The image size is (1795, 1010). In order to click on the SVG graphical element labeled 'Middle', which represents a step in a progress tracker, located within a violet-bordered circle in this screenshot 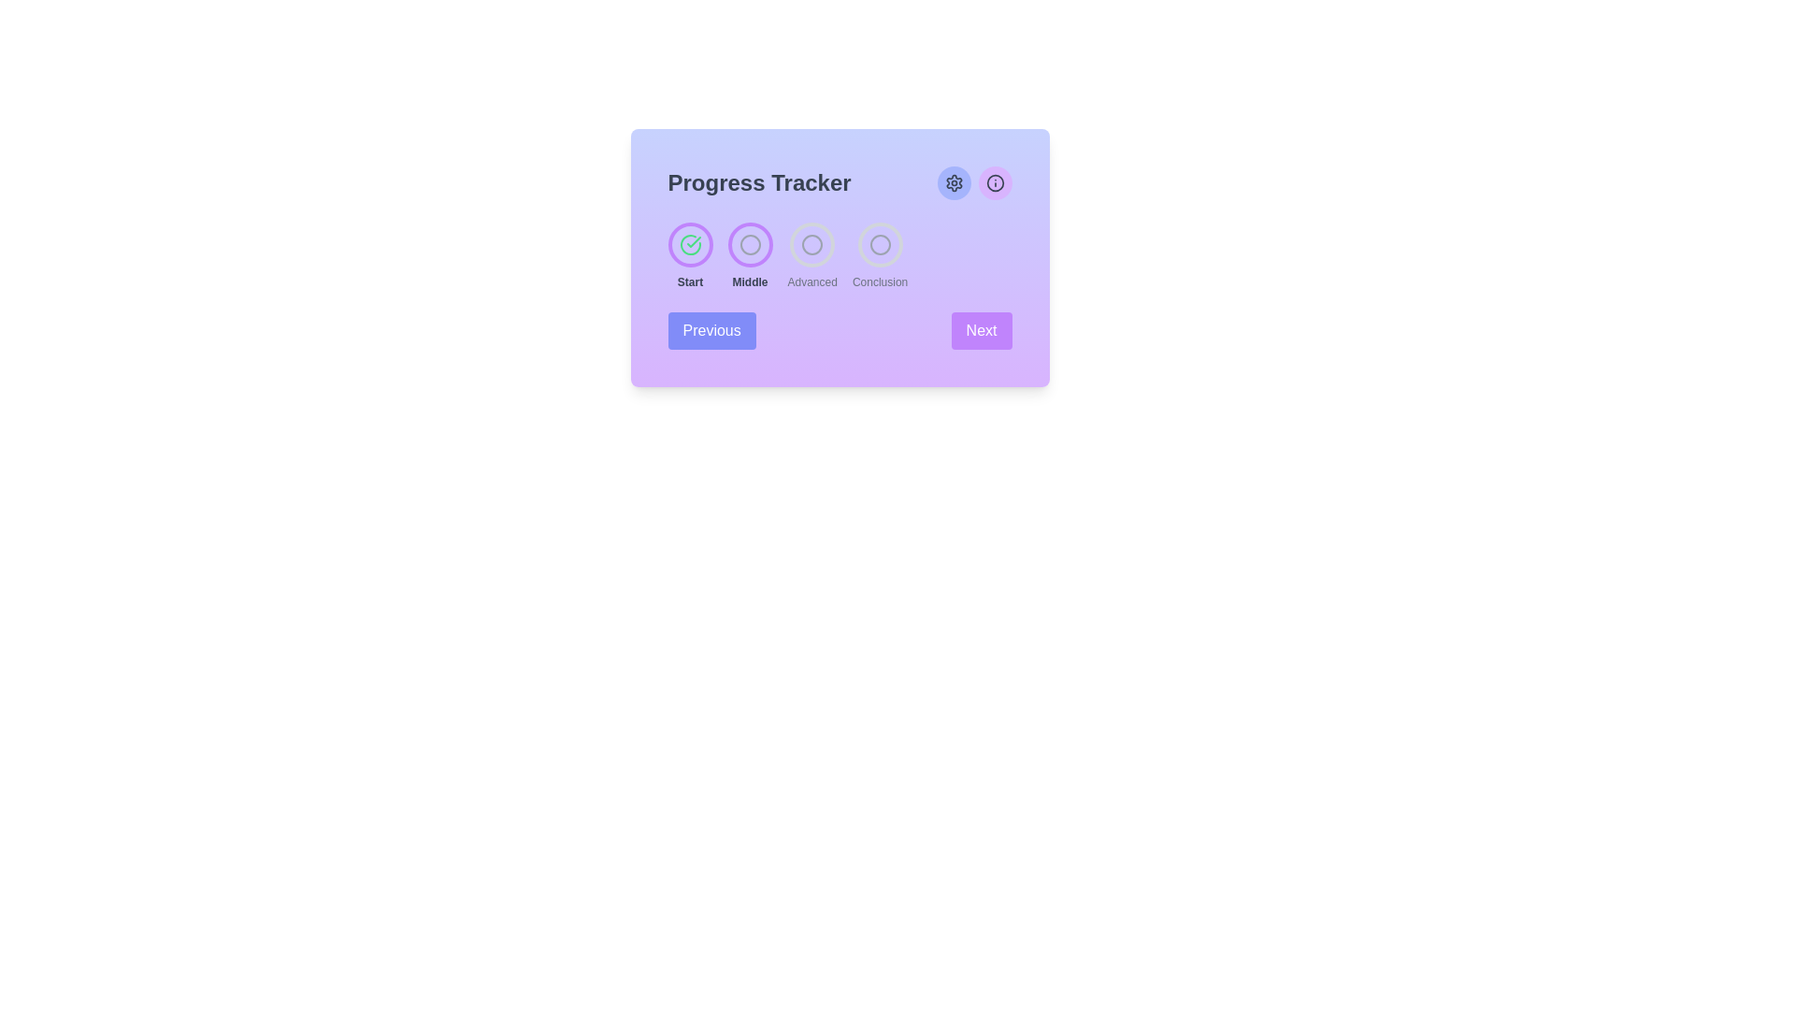, I will do `click(750, 244)`.